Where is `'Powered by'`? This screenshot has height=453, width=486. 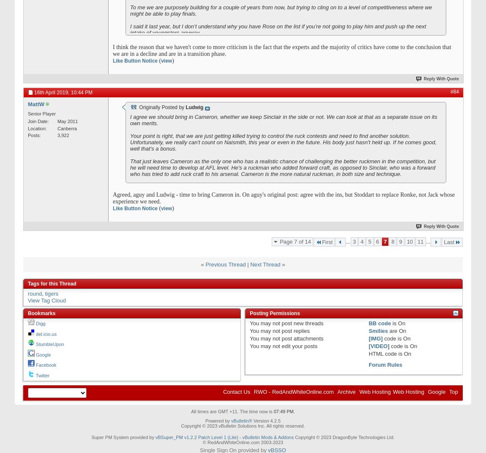
'Powered by' is located at coordinates (218, 420).